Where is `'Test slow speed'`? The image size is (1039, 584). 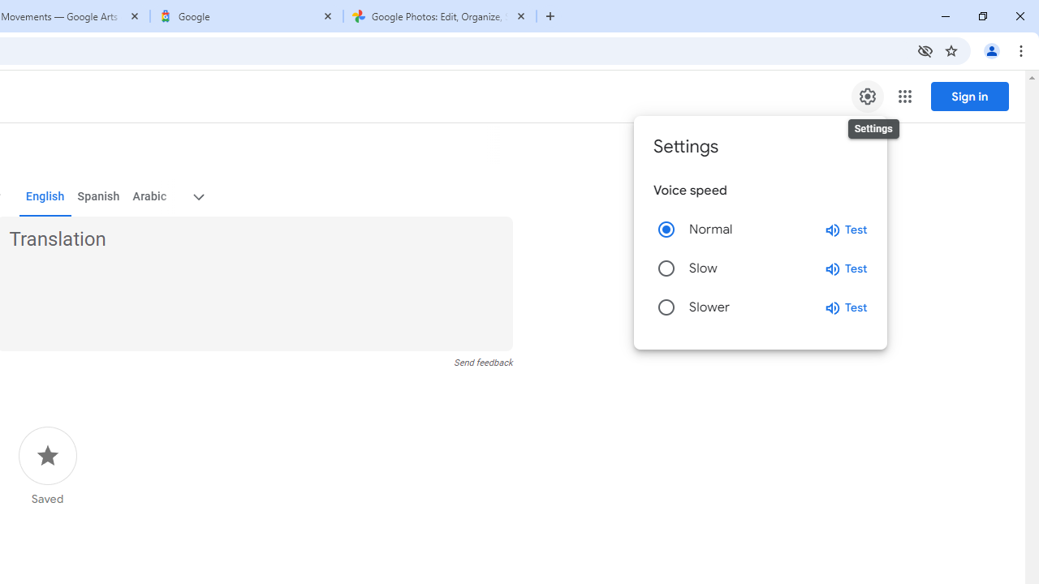 'Test slow speed' is located at coordinates (844, 268).